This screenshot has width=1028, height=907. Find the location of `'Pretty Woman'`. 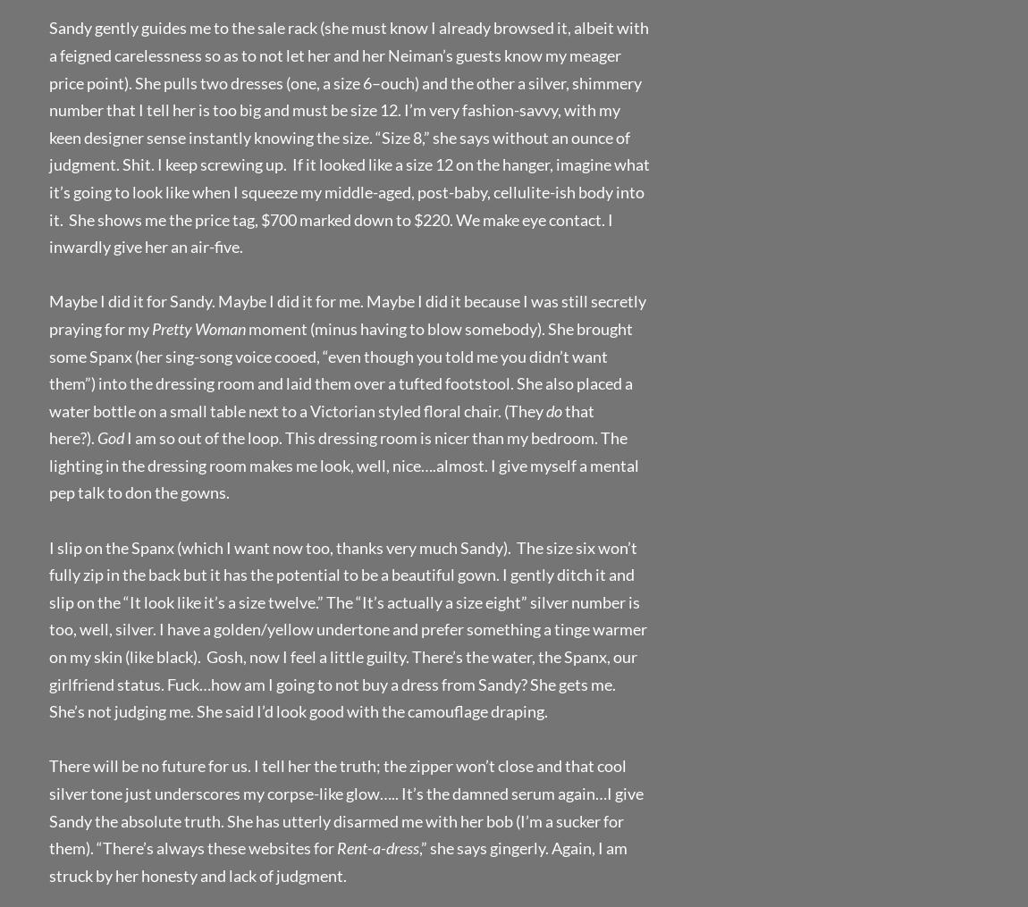

'Pretty Woman' is located at coordinates (199, 328).